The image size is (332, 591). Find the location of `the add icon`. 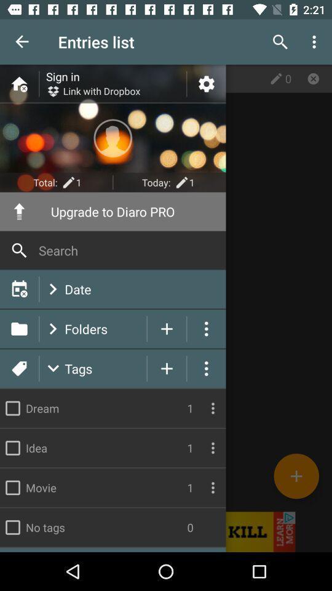

the add icon is located at coordinates (296, 475).